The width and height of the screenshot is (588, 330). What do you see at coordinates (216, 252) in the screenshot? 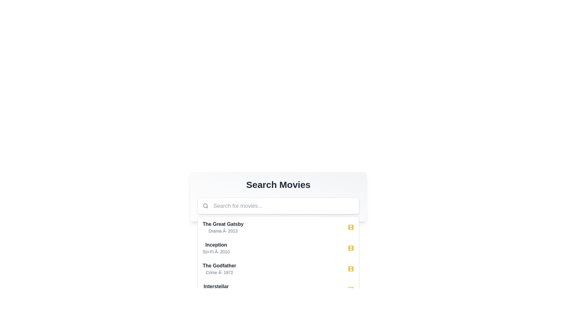
I see `the text label displaying 'Sci-Fi · 2010', which is styled in a small-sized, gray font and located below the 'Inception' label in the movie search results` at bounding box center [216, 252].